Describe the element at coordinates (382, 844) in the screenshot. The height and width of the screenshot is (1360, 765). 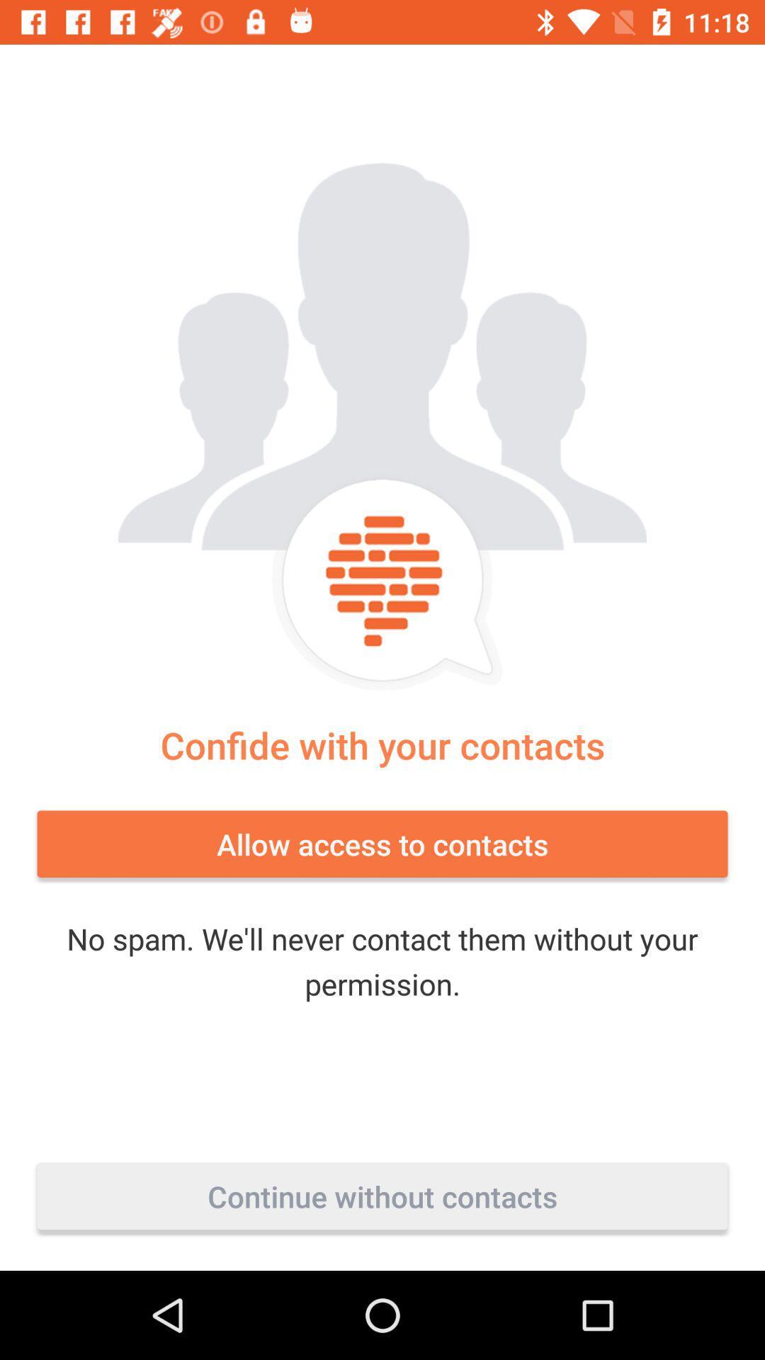
I see `the item below confide with your` at that location.